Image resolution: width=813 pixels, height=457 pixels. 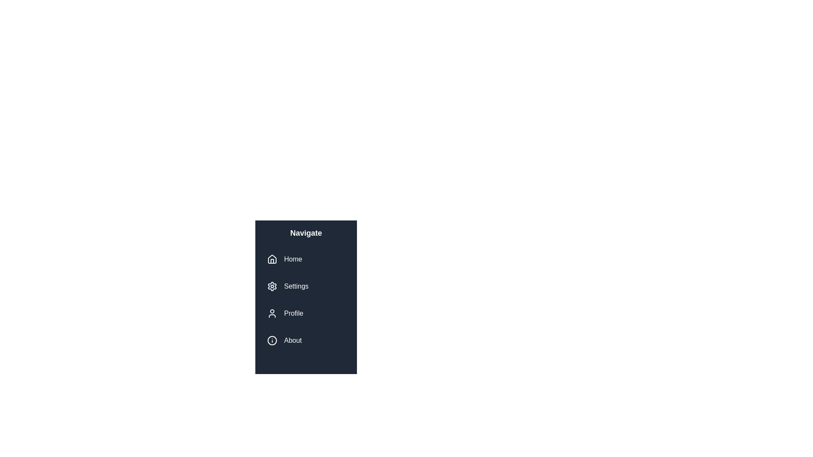 I want to click on the circular information icon located in the navigation menu, which is styled with a white stroke on a dark background and positioned slightly to the left of the 'About' text label, so click(x=272, y=340).